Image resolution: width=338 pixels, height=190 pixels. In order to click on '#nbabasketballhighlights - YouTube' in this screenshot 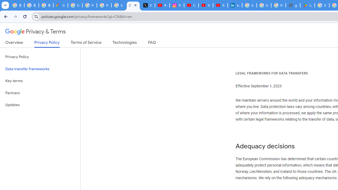, I will do `click(162, 5)`.